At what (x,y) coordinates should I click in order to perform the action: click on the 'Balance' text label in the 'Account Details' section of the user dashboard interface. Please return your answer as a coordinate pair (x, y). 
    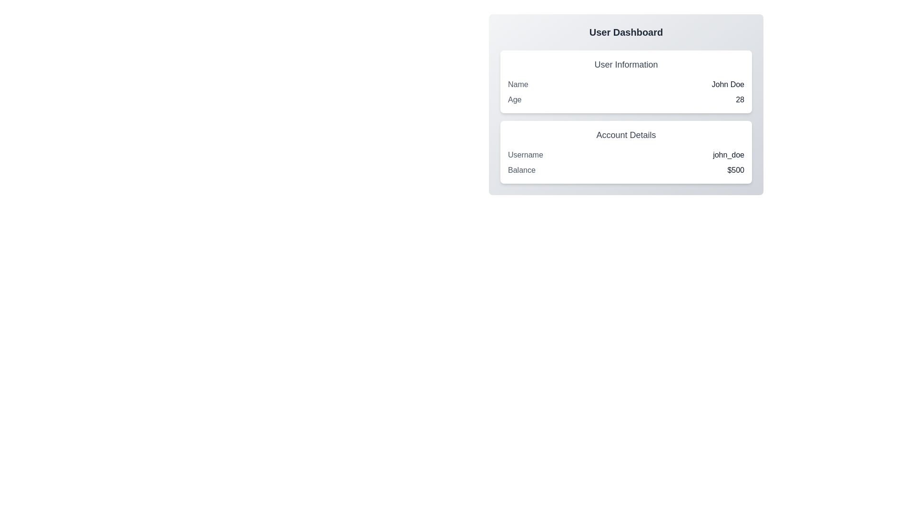
    Looking at the image, I should click on (521, 170).